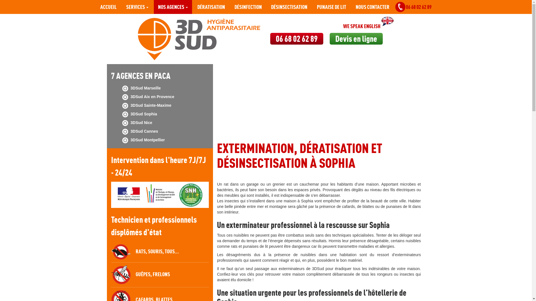 This screenshot has height=301, width=536. Describe the element at coordinates (142, 122) in the screenshot. I see `'3DSud Nice'` at that location.